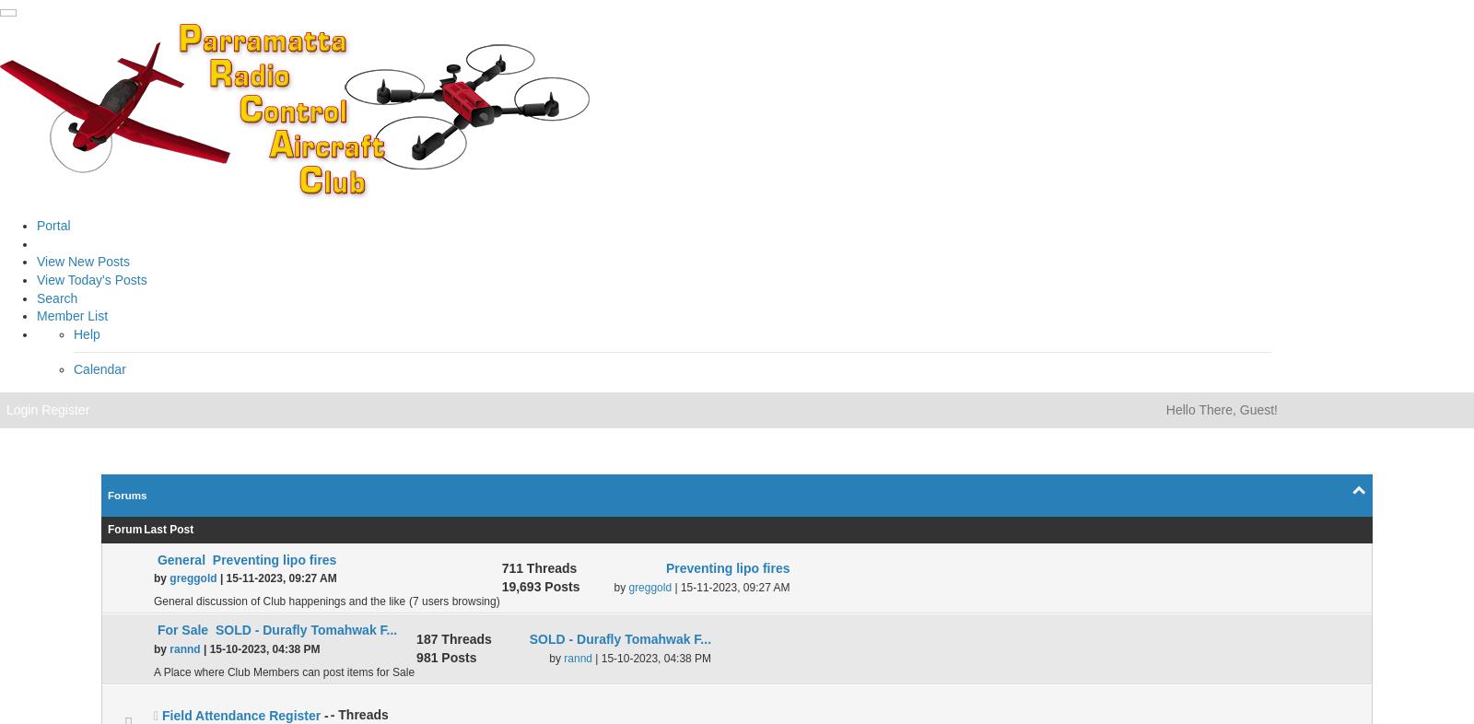 The width and height of the screenshot is (1474, 724). Describe the element at coordinates (284, 671) in the screenshot. I see `'A Place where Club Members can post items for Sale'` at that location.